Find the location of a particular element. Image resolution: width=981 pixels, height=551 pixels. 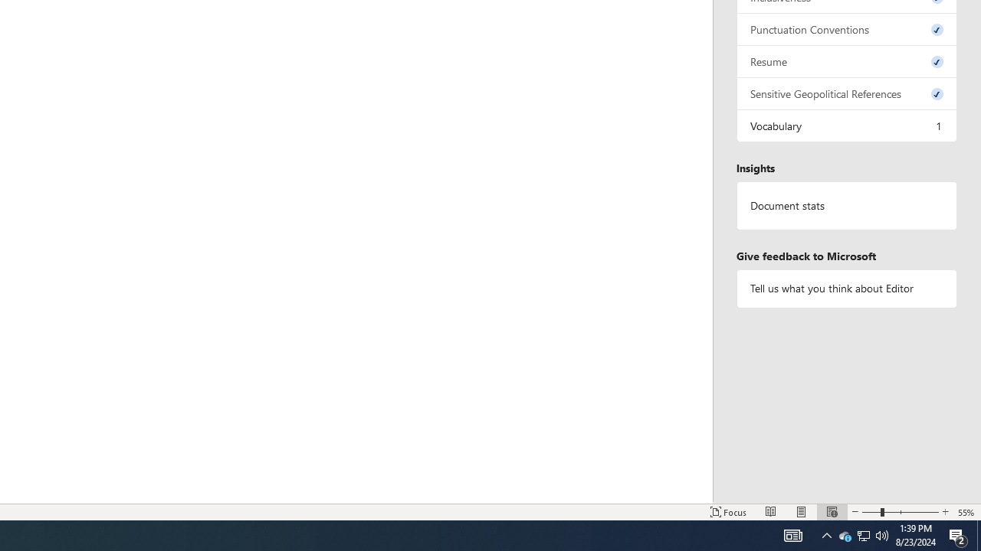

'Zoom 55%' is located at coordinates (966, 512).